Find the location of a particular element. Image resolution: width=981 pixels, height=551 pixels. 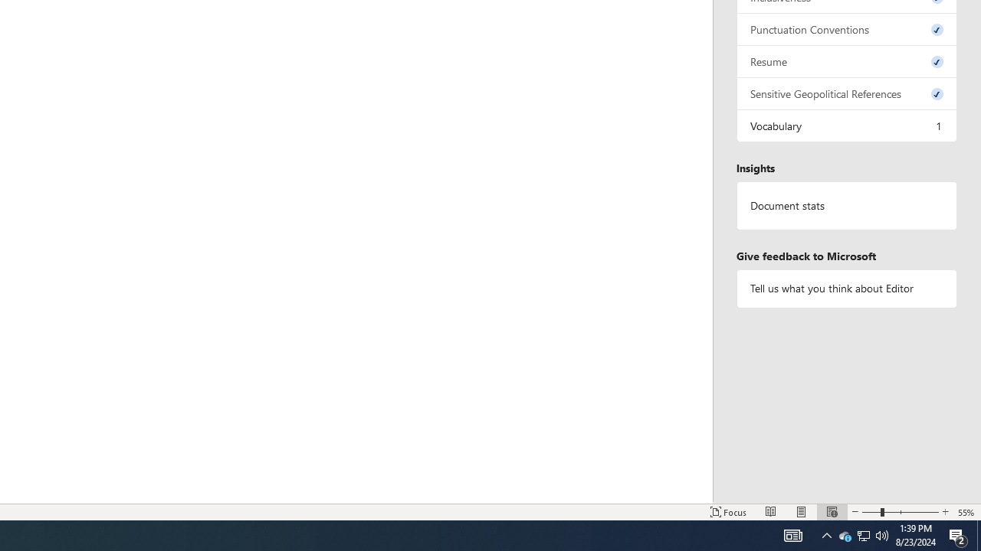

'Zoom 55%' is located at coordinates (966, 512).